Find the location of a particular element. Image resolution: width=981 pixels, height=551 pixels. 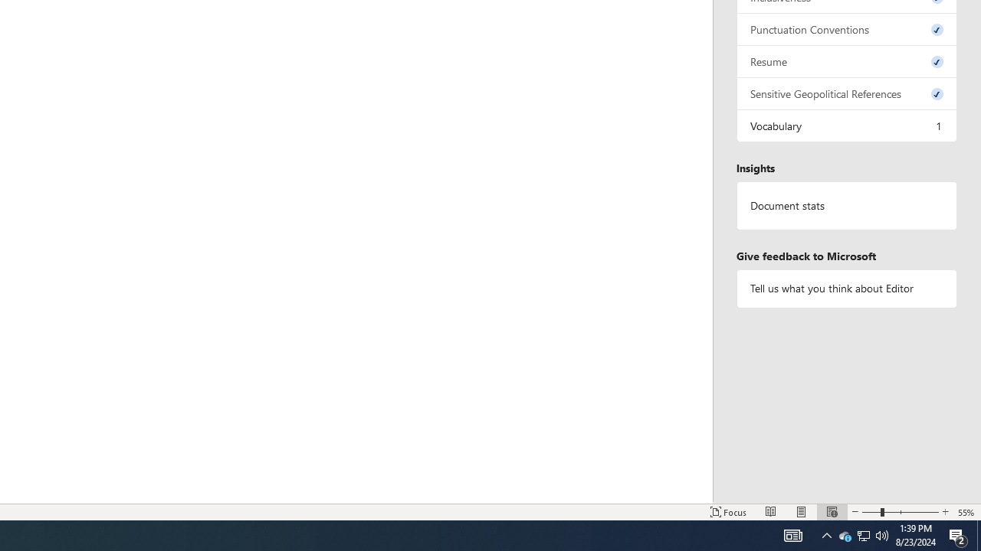

'Zoom 55%' is located at coordinates (966, 512).